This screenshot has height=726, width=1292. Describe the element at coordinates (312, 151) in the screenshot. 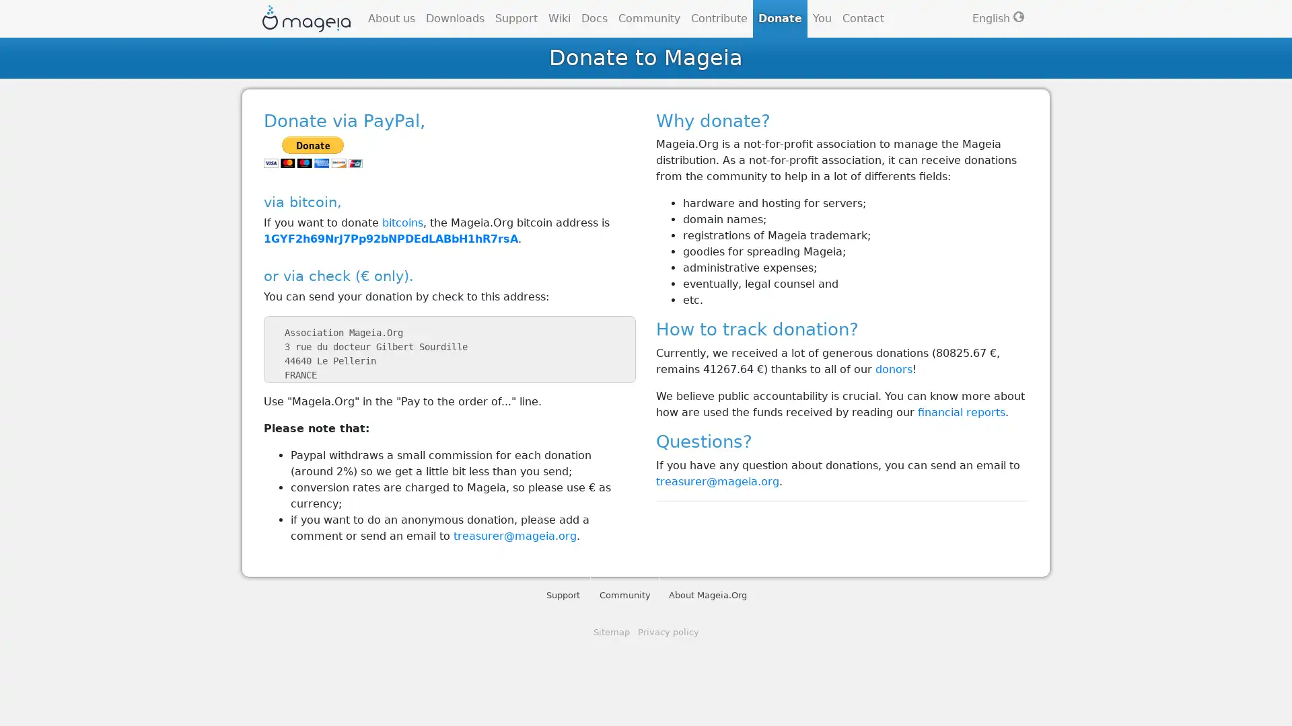

I see `PayPal - The safer, easier way to pay online!` at that location.